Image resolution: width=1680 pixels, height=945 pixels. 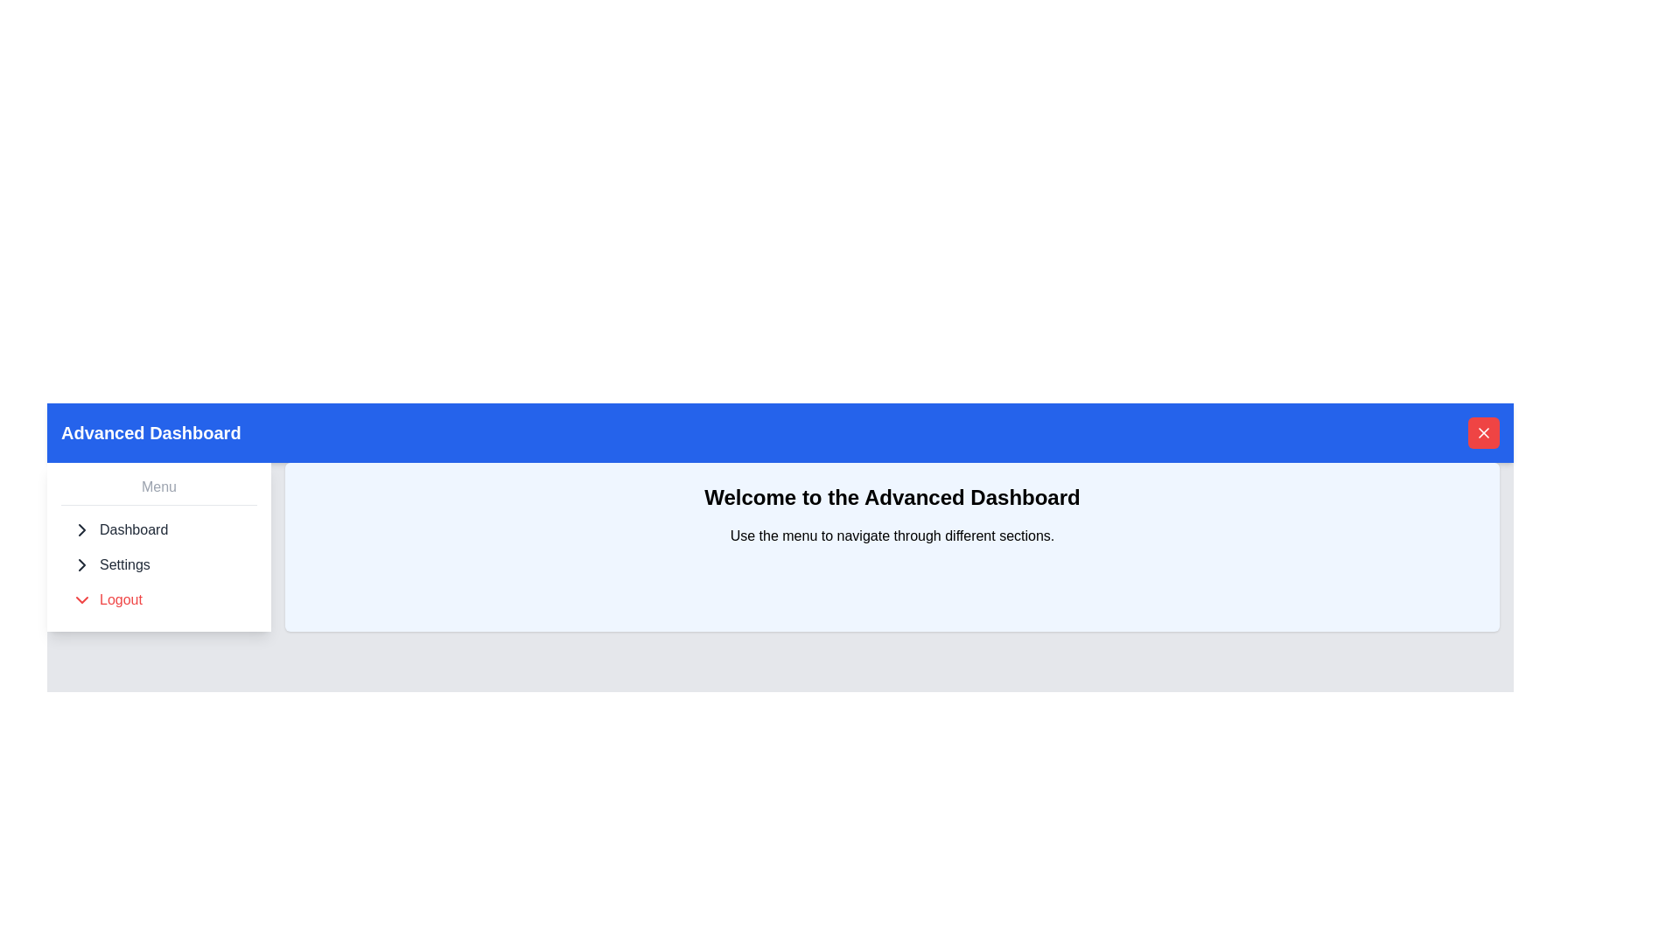 What do you see at coordinates (159, 528) in the screenshot?
I see `the first interactive menu item beneath the 'Menu' header` at bounding box center [159, 528].